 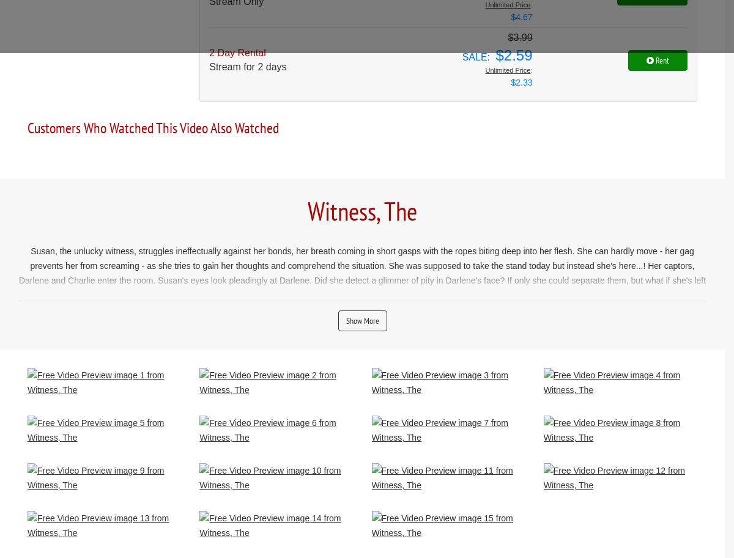 I want to click on 'Stream for 2 days', so click(x=248, y=66).